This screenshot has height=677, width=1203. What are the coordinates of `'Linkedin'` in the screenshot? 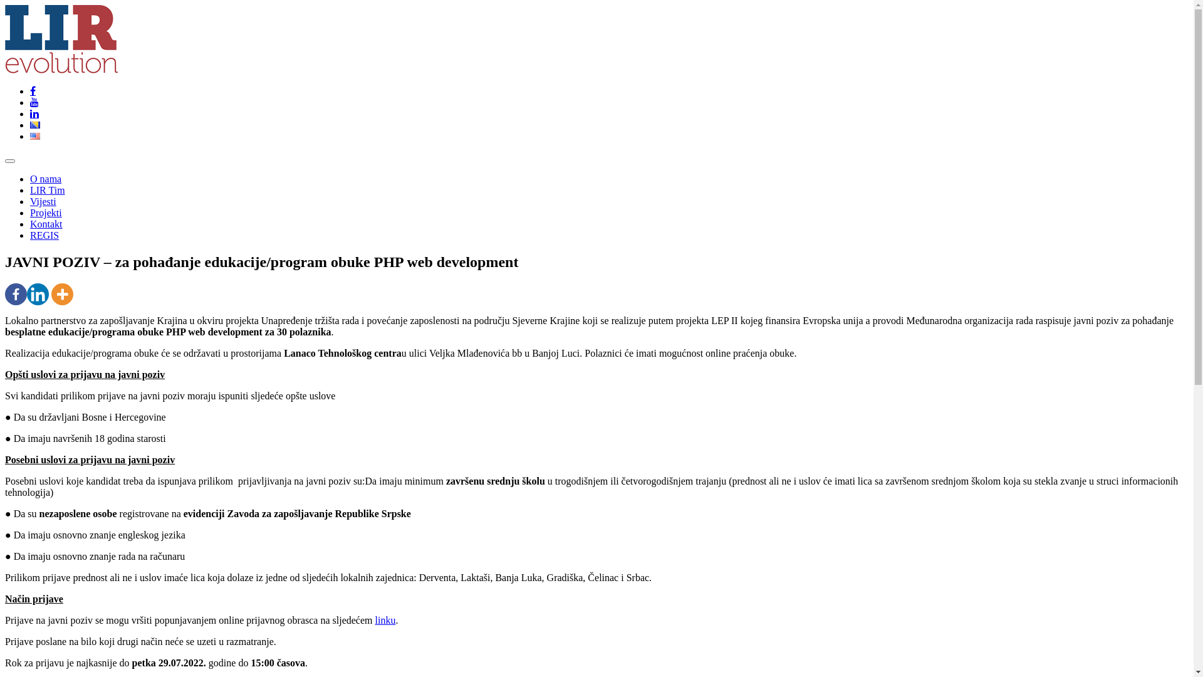 It's located at (38, 294).